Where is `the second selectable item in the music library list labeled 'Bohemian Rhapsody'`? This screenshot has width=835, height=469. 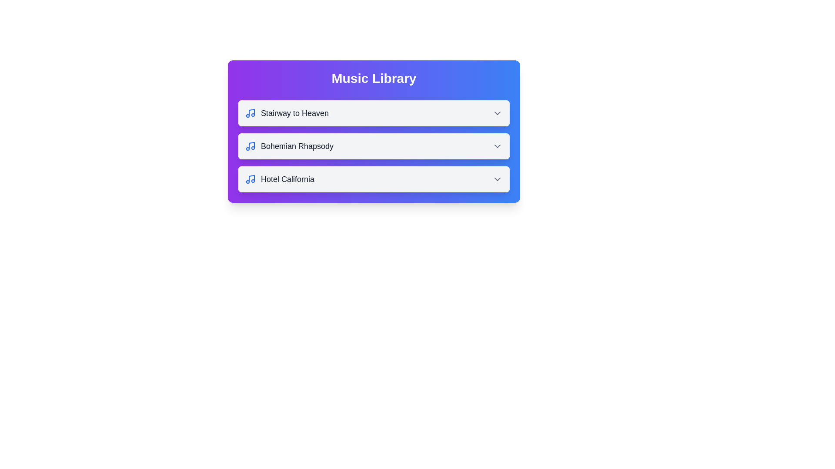
the second selectable item in the music library list labeled 'Bohemian Rhapsody' is located at coordinates (374, 145).